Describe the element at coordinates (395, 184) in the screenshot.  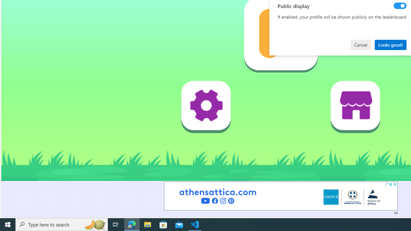
I see `'AutomationID: cbb'` at that location.